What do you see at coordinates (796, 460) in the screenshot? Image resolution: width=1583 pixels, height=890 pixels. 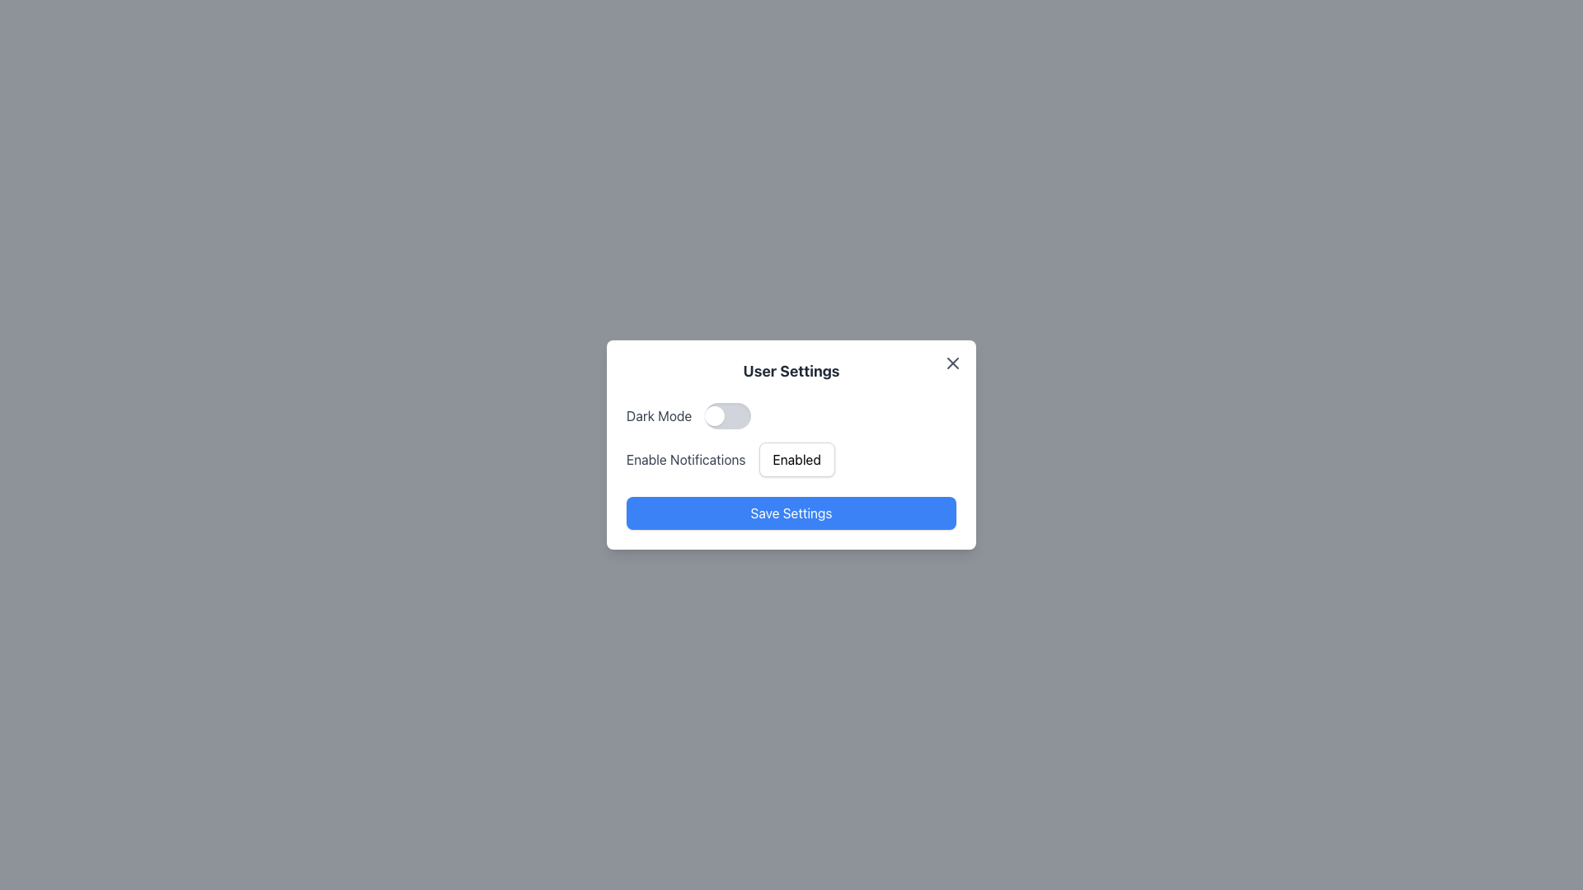 I see `the notifications toggle button located to the right of the 'Enable Notifications' text in the 'User Settings' modal dialog box` at bounding box center [796, 460].